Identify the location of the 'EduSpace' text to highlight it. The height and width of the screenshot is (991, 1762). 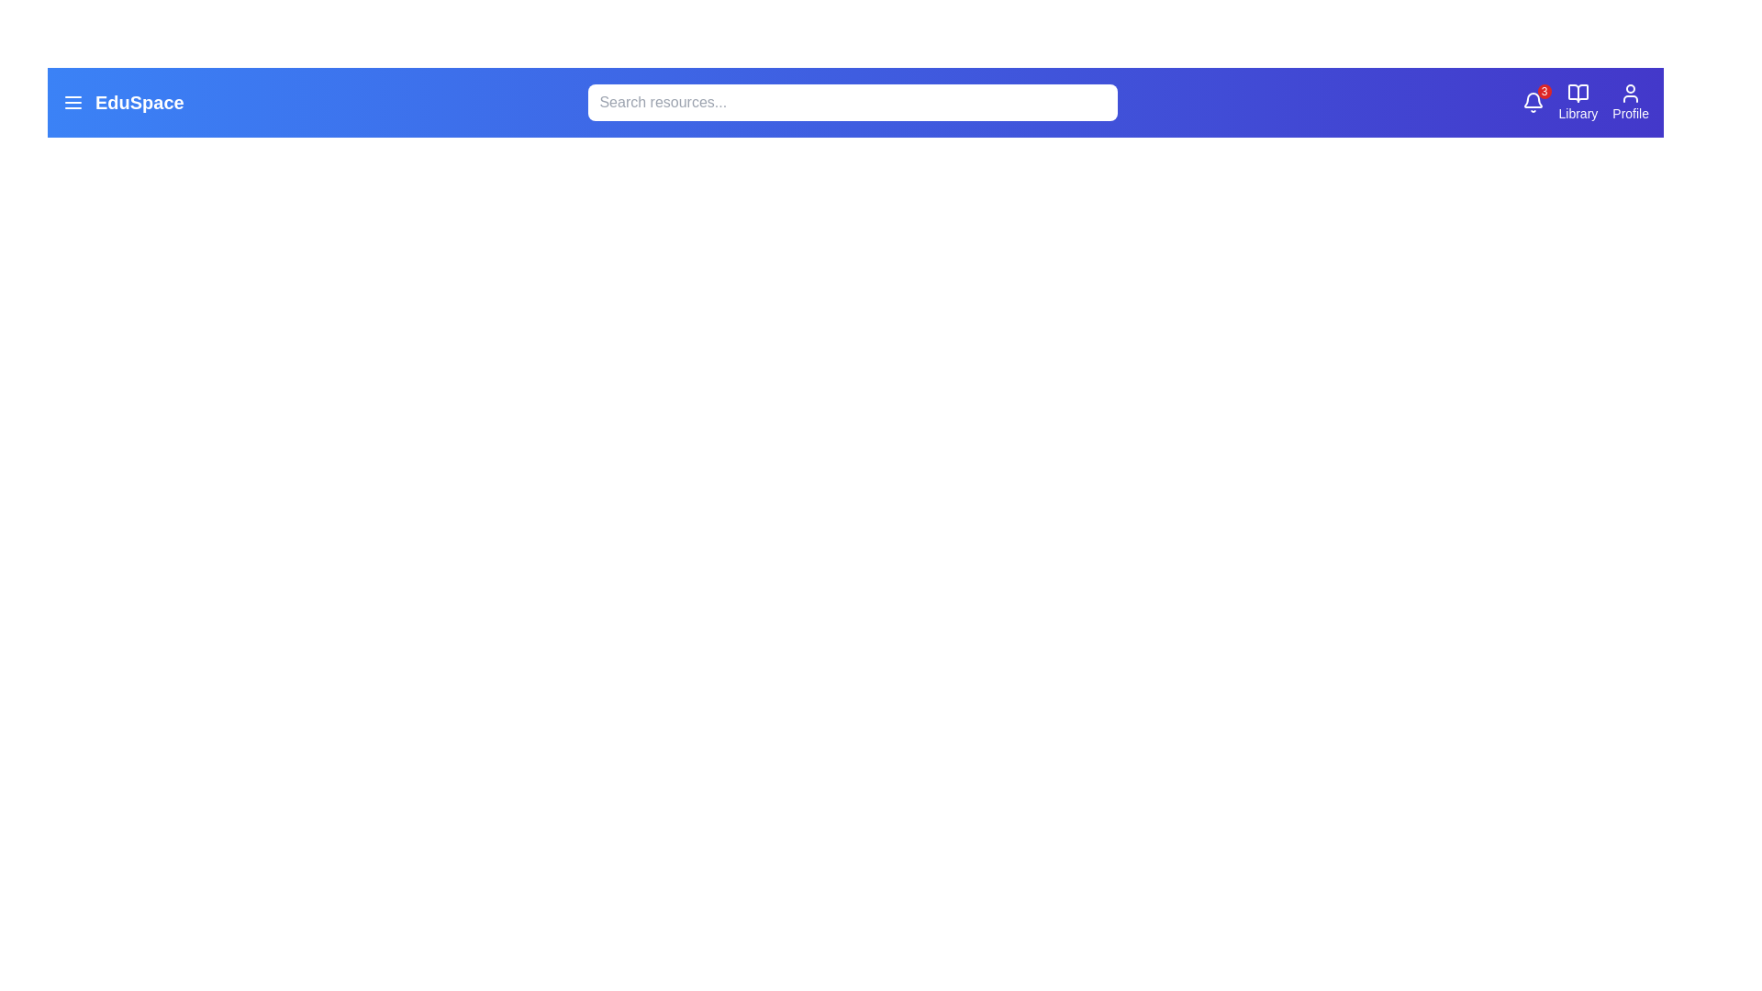
(122, 102).